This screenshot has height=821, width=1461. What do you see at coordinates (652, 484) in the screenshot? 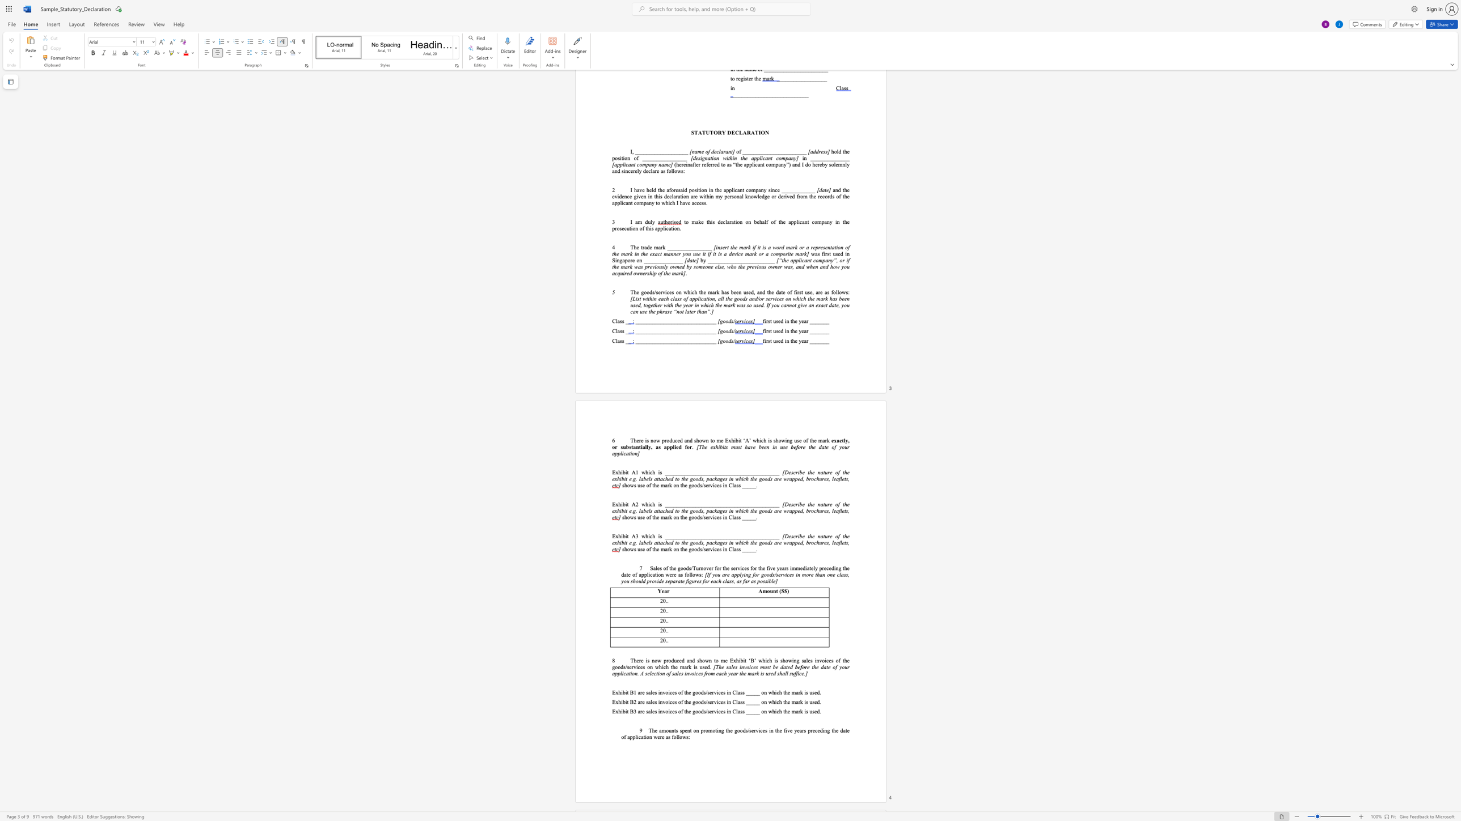
I see `the subset text "the mark on the g" within the text "shows use of the mark on the goods/services in Class _____."` at bounding box center [652, 484].